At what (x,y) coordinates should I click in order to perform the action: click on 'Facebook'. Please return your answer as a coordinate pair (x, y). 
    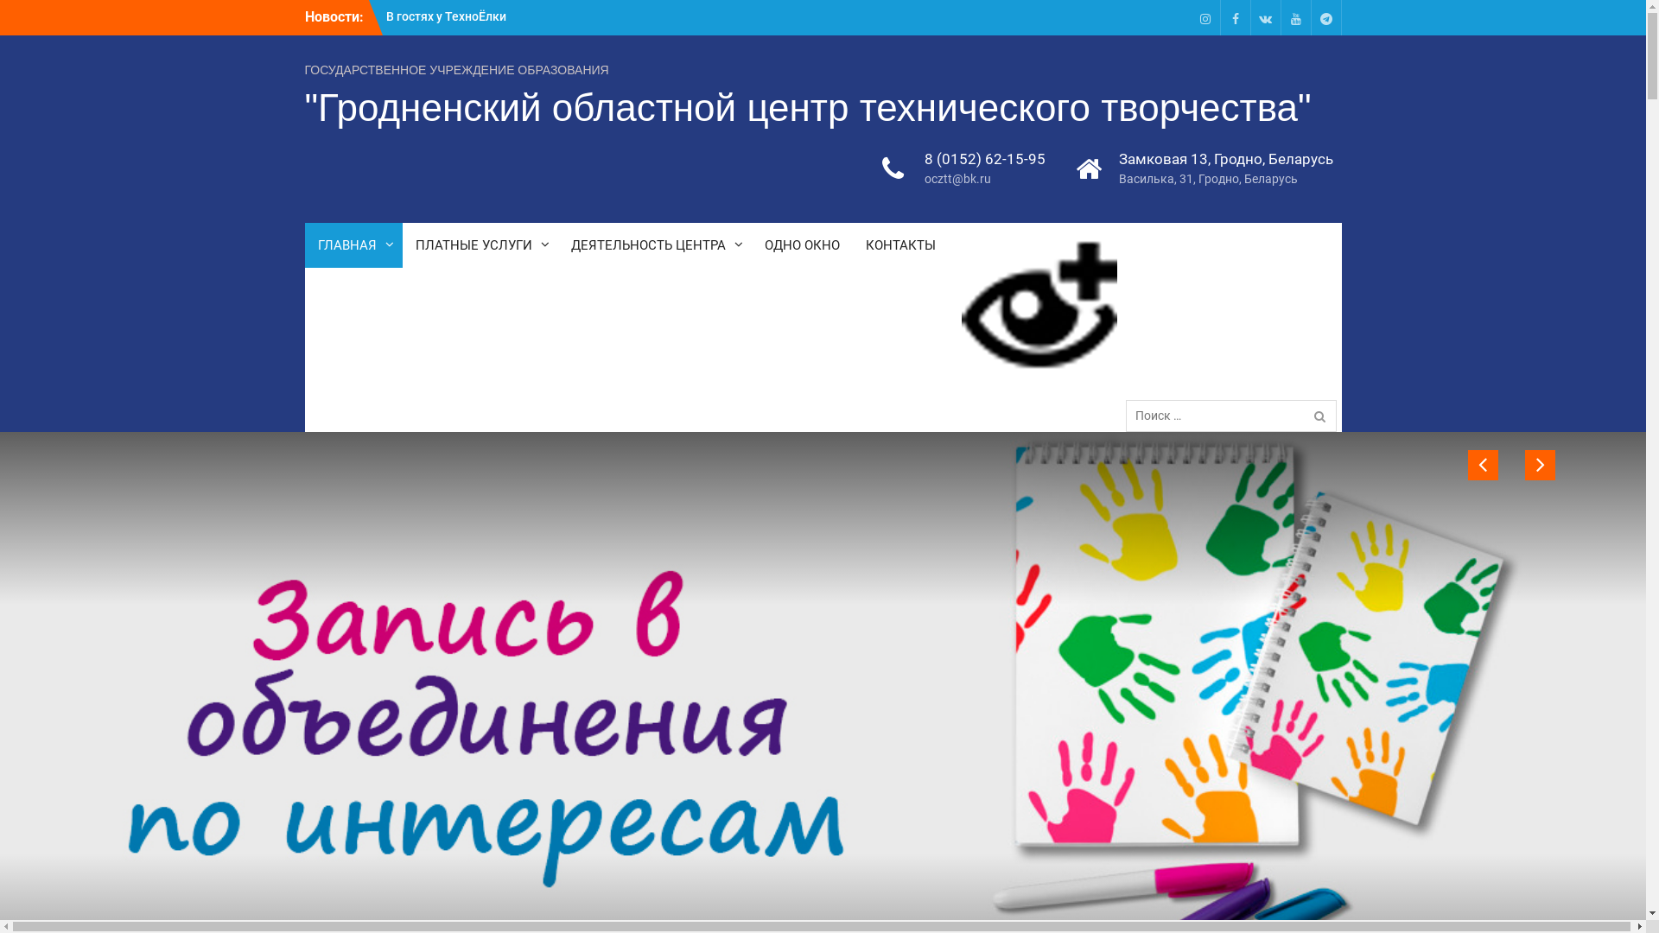
    Looking at the image, I should click on (1235, 17).